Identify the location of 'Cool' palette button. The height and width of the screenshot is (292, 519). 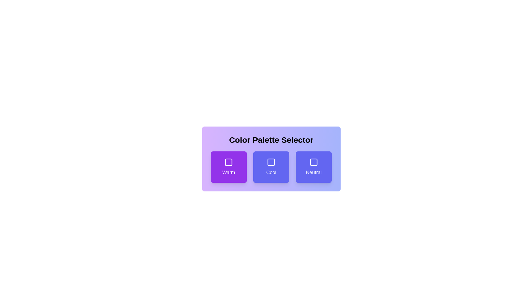
(271, 167).